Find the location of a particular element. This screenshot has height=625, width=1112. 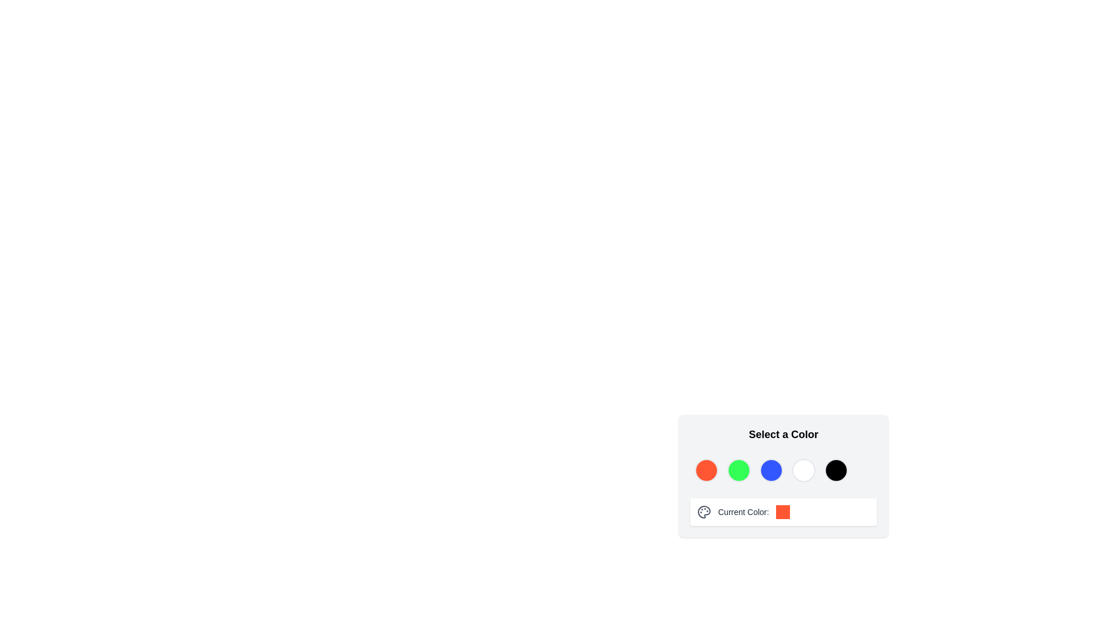

the circular button on the color picker panel is located at coordinates (784, 491).